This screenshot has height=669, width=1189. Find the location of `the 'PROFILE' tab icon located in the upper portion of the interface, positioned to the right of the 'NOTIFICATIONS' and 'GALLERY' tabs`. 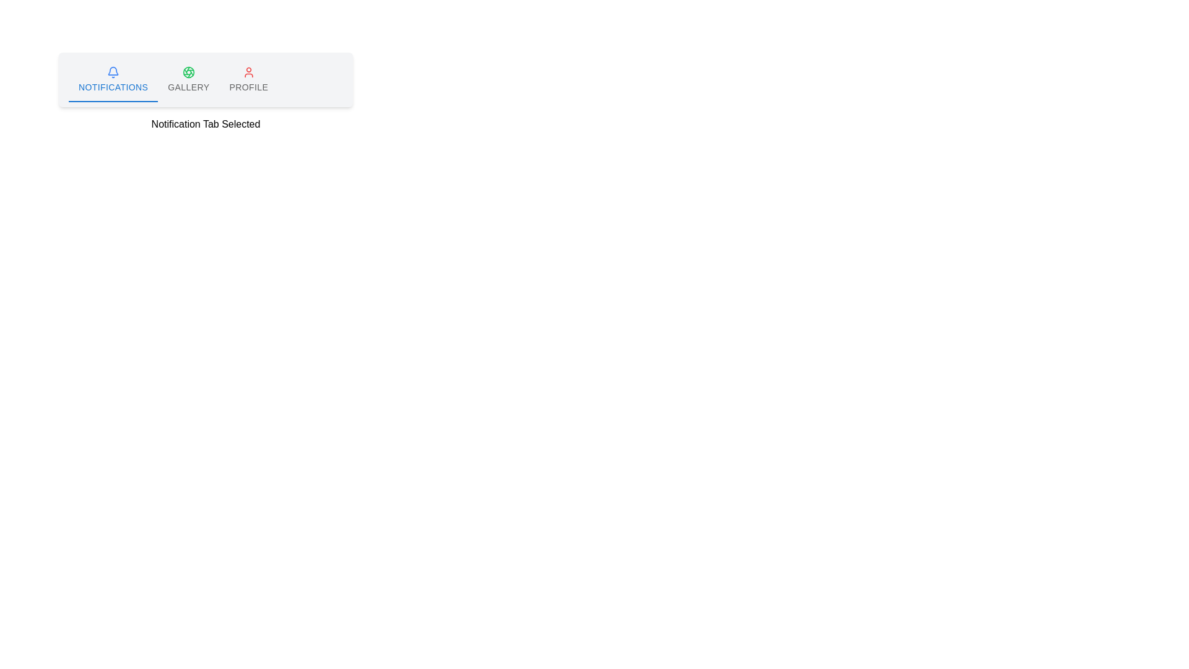

the 'PROFILE' tab icon located in the upper portion of the interface, positioned to the right of the 'NOTIFICATIONS' and 'GALLERY' tabs is located at coordinates (248, 72).